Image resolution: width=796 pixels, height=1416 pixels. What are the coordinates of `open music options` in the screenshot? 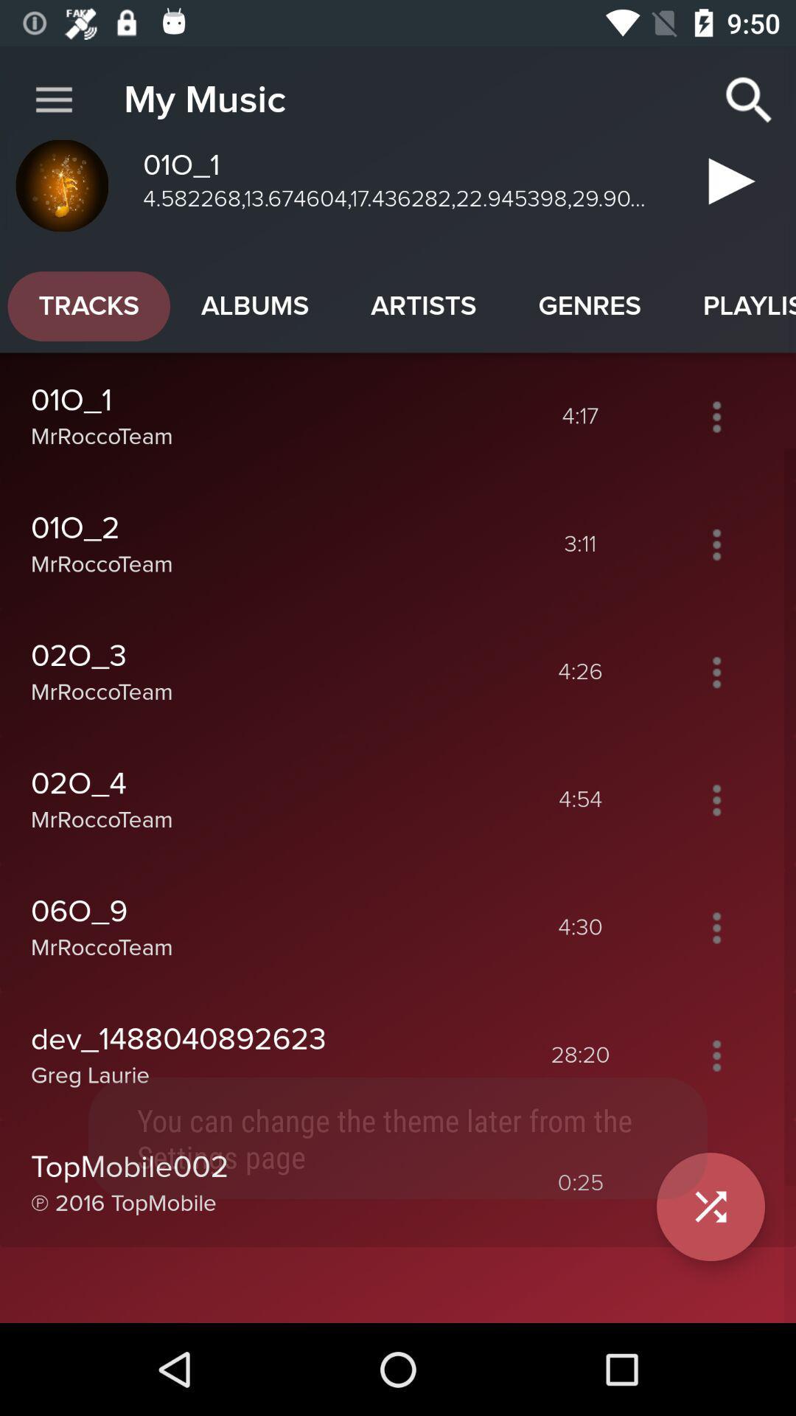 It's located at (716, 416).